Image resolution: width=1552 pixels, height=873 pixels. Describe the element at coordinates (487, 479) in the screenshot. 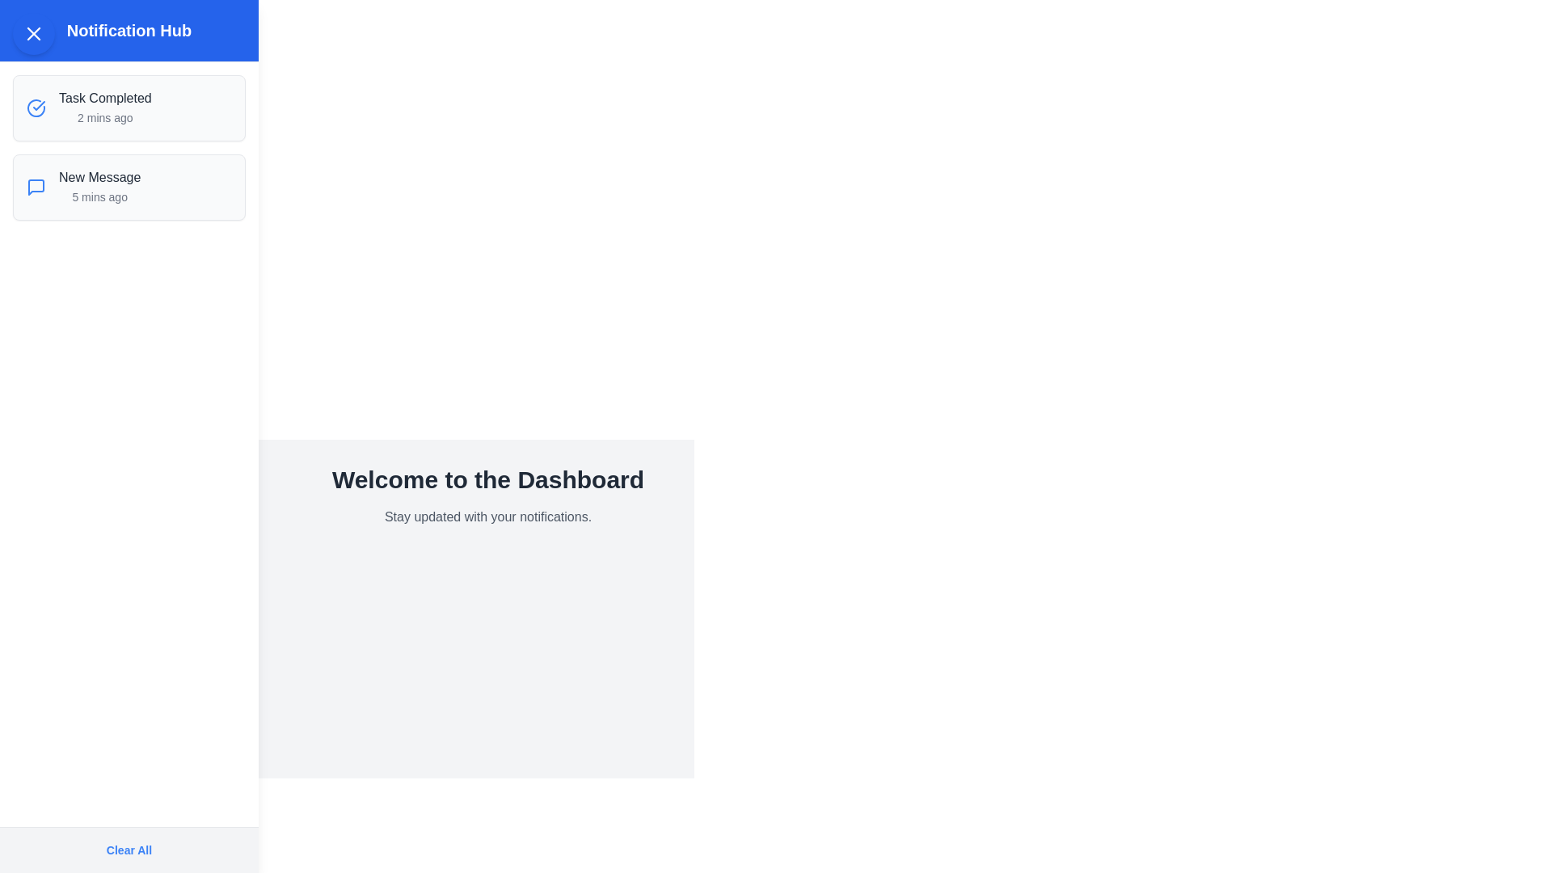

I see `the prominent heading text that introduces the user to the dashboard, located above the smaller text element with the phrase 'Stay updated with your notifications.'` at that location.